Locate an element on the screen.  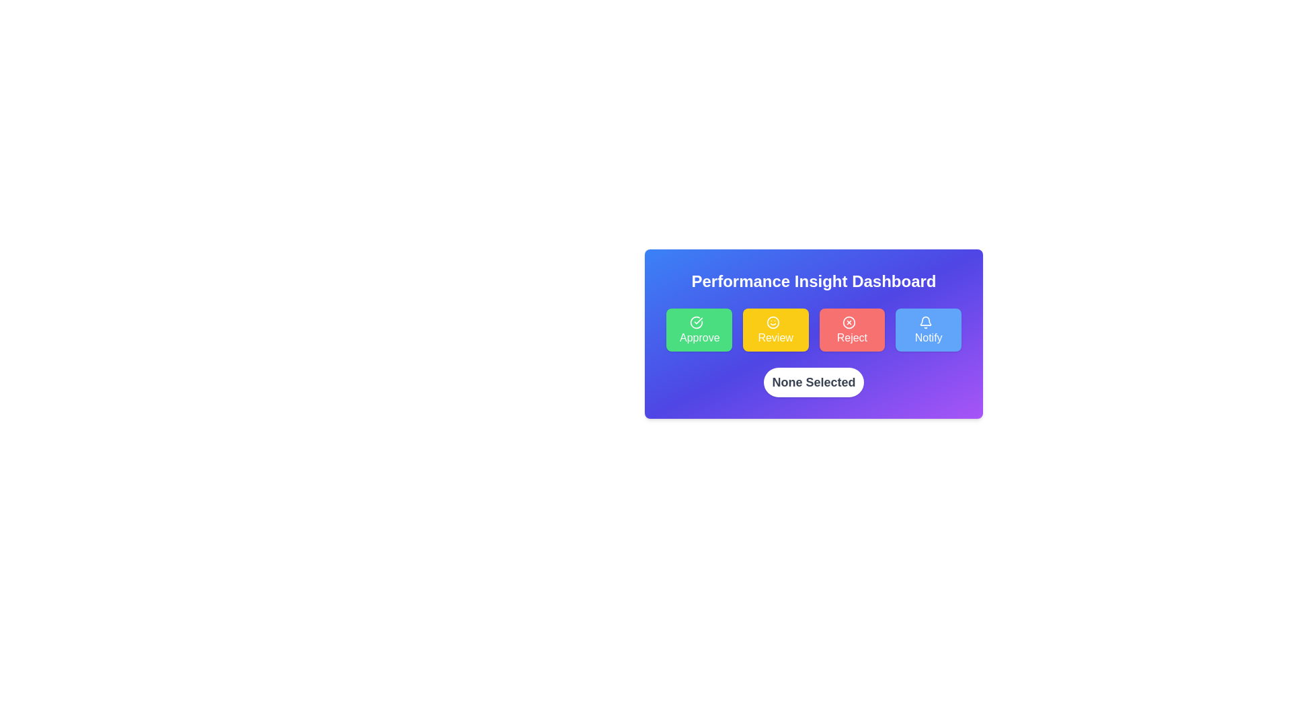
primary circular shape of the smiley face icon located in the toolbar, which serves as a graphical representation and feedback cue is located at coordinates (773, 322).